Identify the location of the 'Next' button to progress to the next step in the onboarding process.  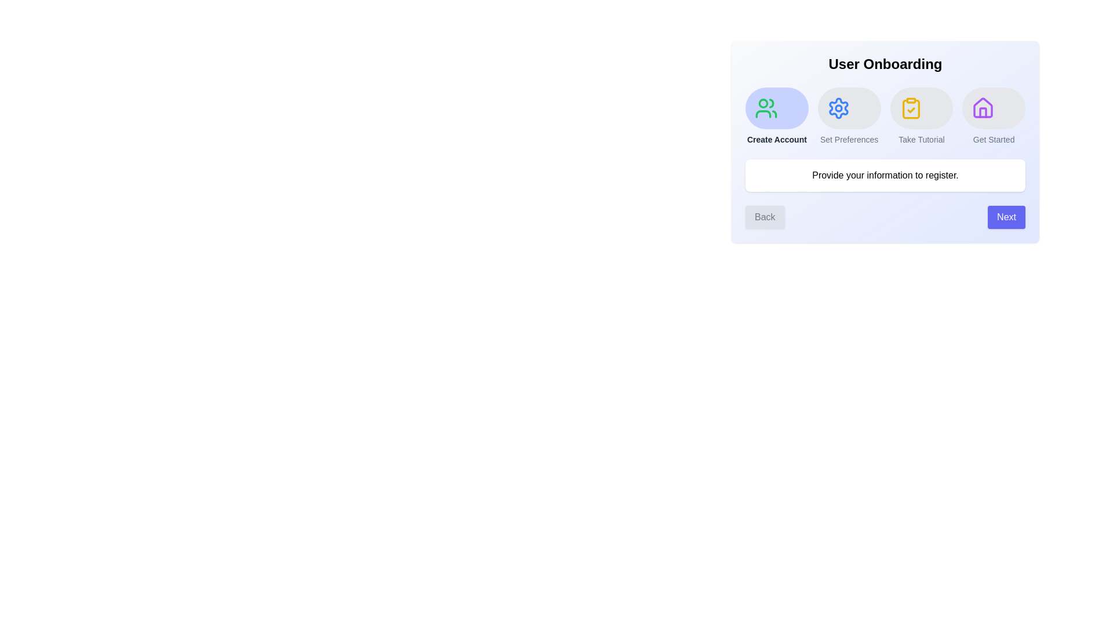
(1006, 217).